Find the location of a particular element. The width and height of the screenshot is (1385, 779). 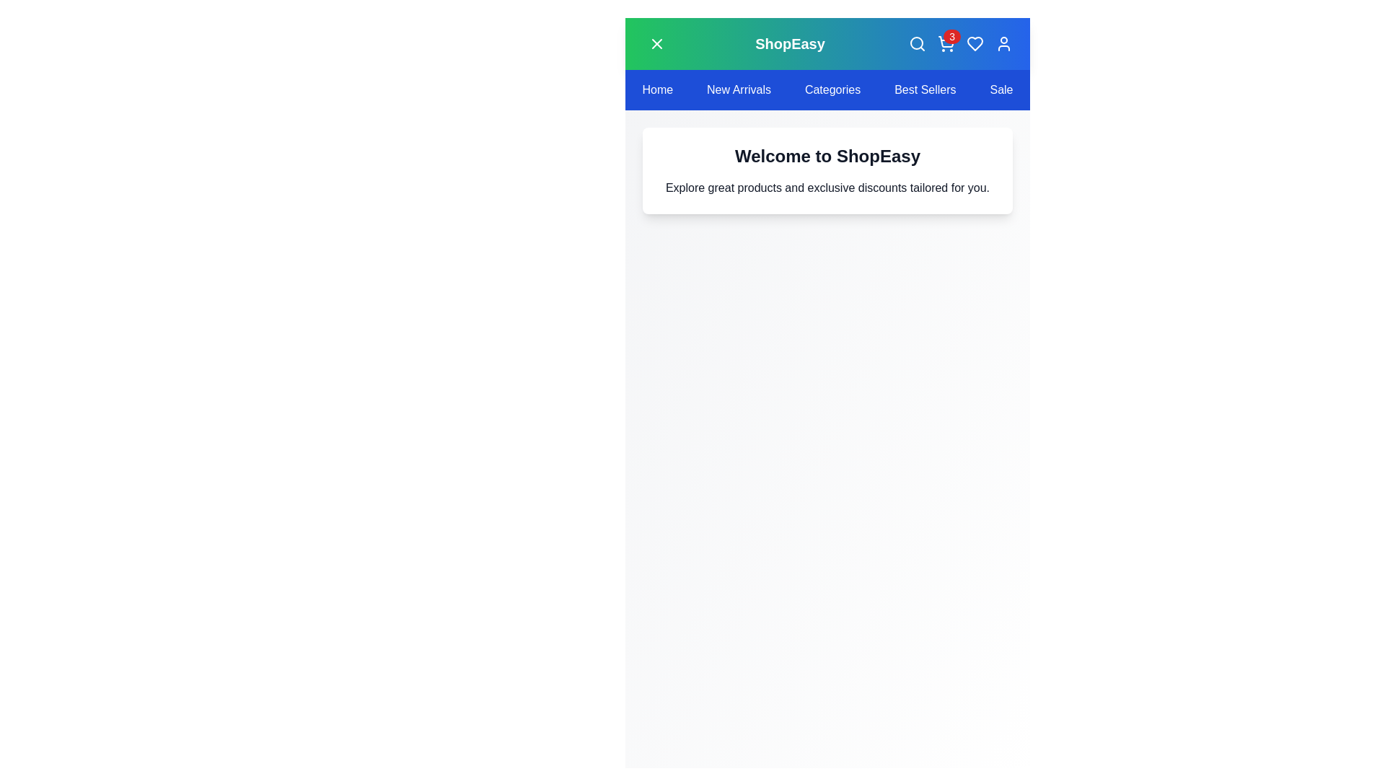

the user icon to access user account options is located at coordinates (1003, 43).